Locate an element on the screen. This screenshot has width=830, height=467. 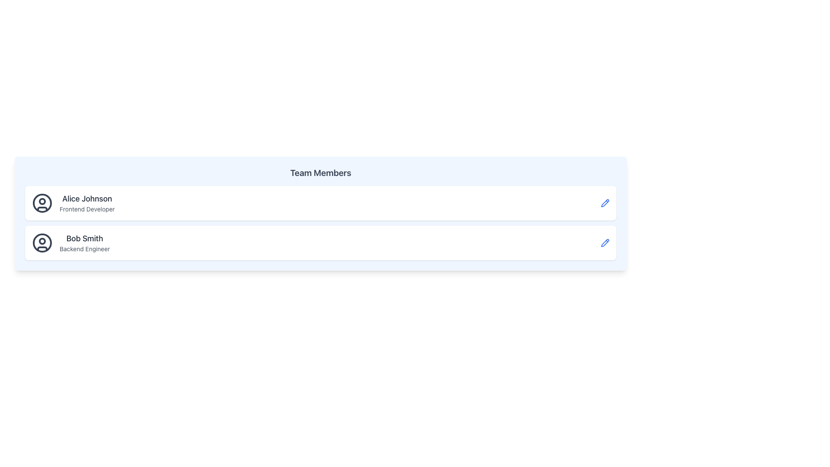
the user profile icon representing 'Bob Smith' located to the left of the text in the 'Team Members' section is located at coordinates (41, 243).